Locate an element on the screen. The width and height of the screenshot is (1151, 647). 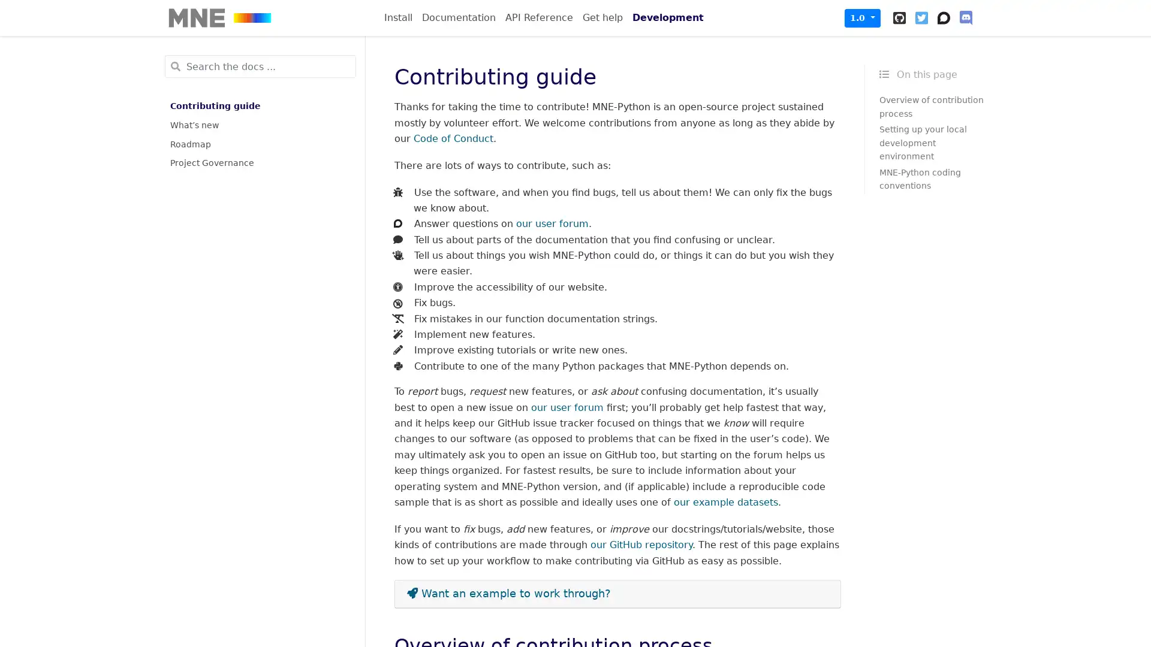
1.0 is located at coordinates (862, 17).